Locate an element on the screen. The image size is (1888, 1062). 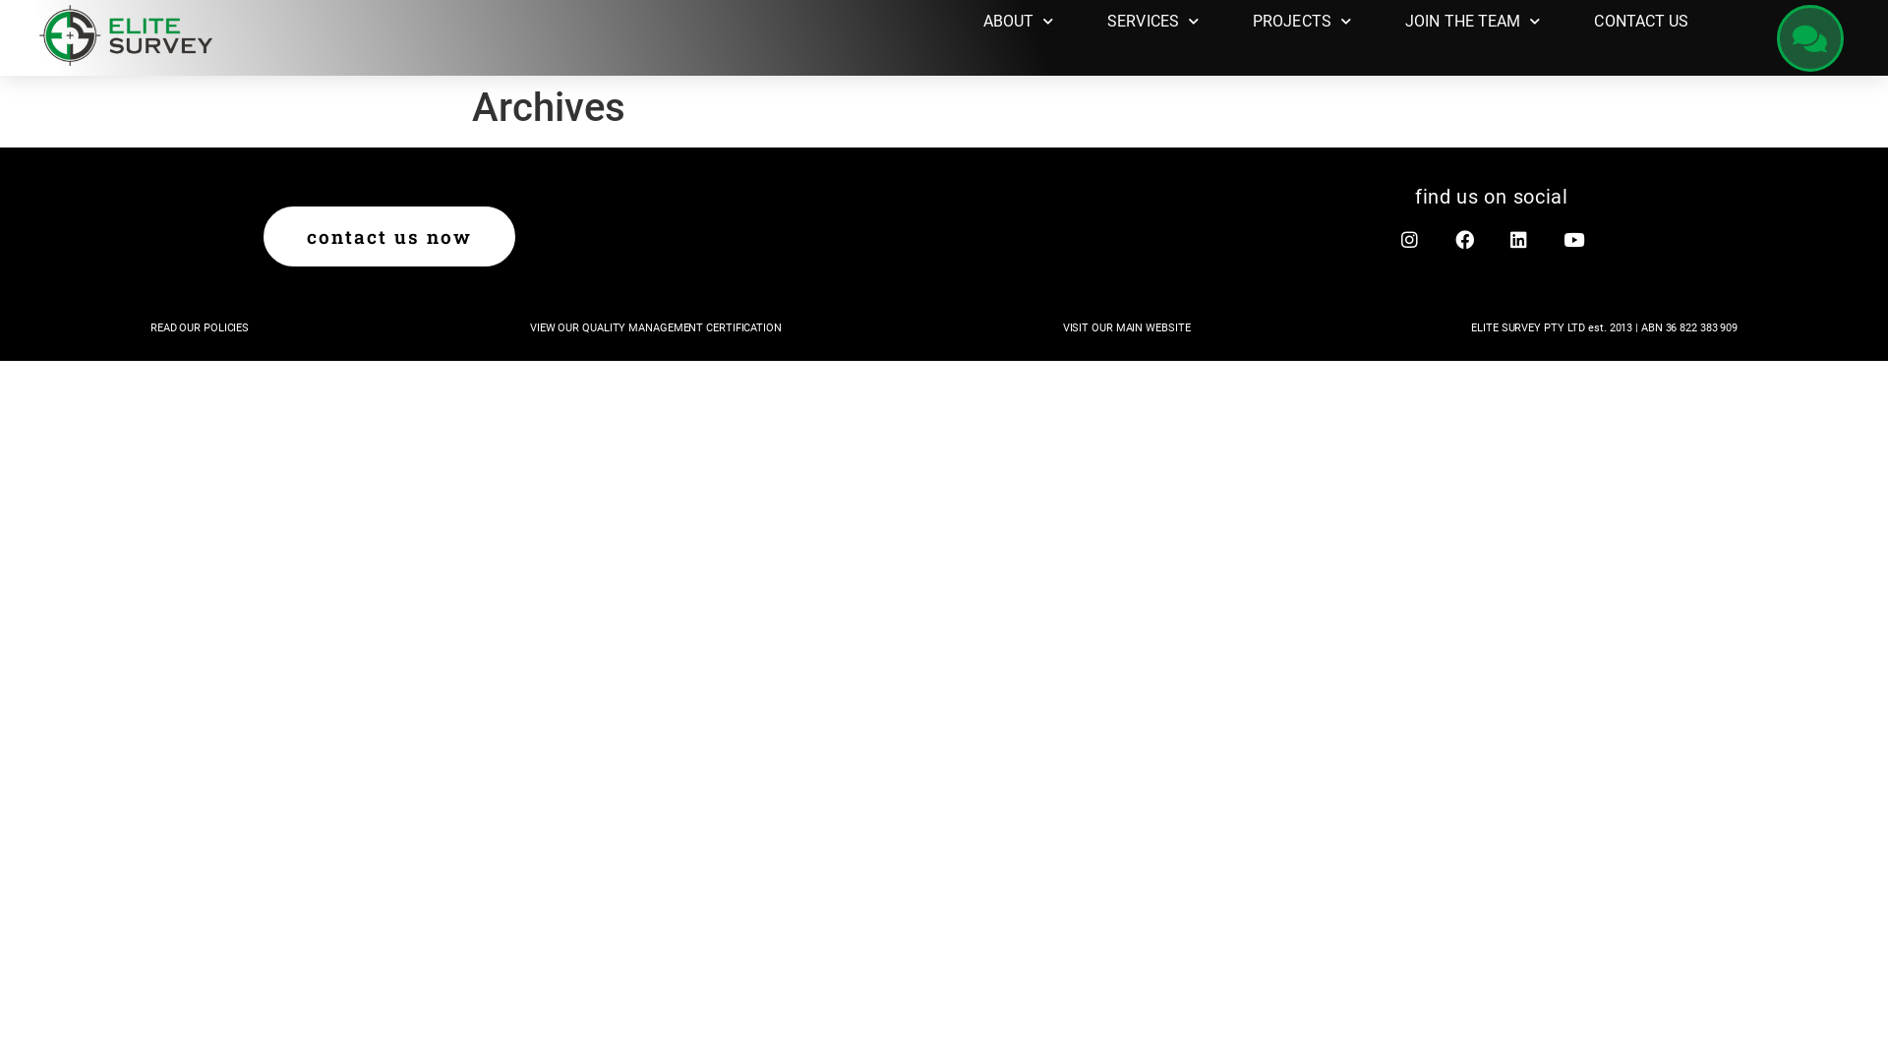
'SERVICES' is located at coordinates (1152, 22).